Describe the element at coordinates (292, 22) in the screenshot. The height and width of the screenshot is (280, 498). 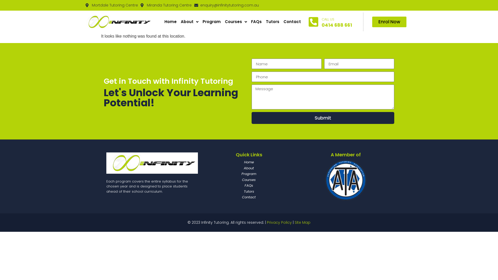
I see `'Contact'` at that location.